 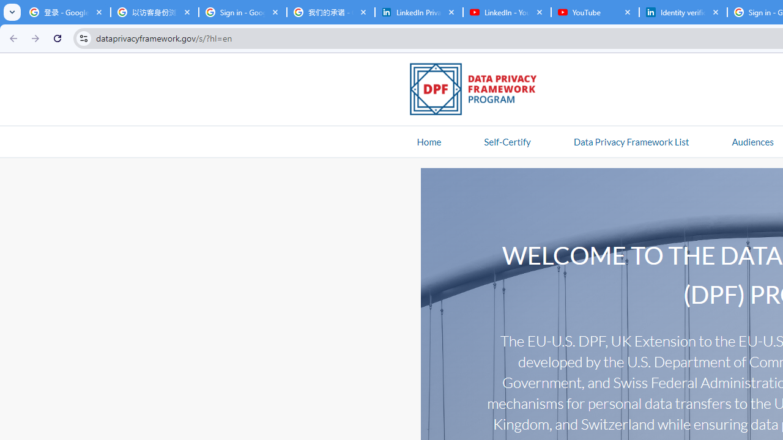 I want to click on 'Audiences', so click(x=752, y=141).